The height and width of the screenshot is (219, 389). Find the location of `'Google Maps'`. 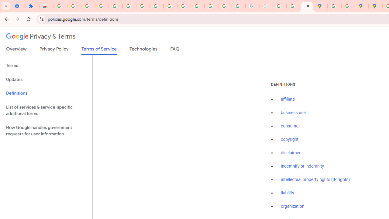

'Google Maps' is located at coordinates (320, 6).